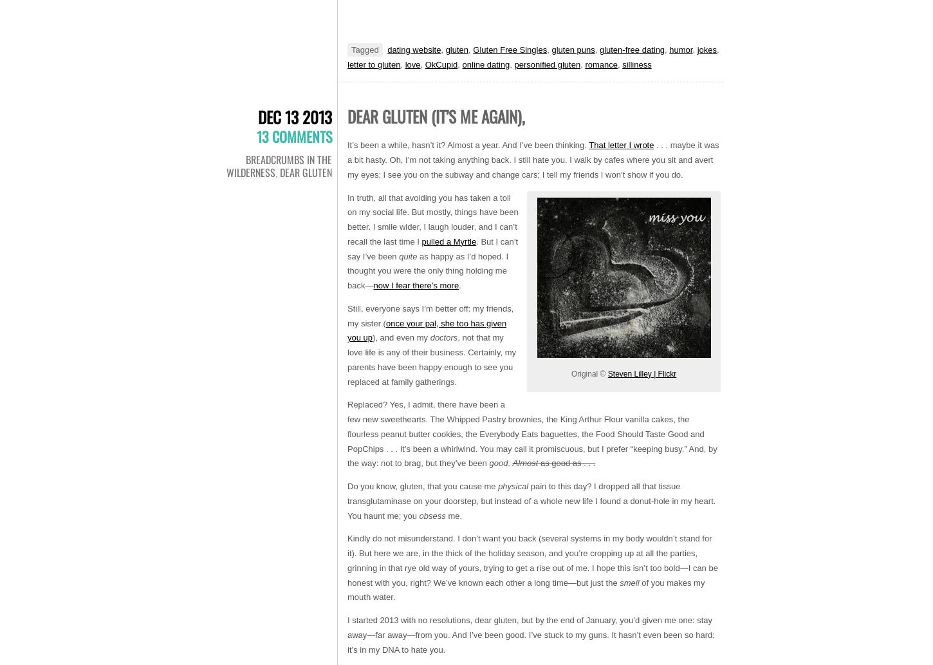 This screenshot has height=665, width=933. Describe the element at coordinates (390, 515) in the screenshot. I see `'haunt me; you'` at that location.